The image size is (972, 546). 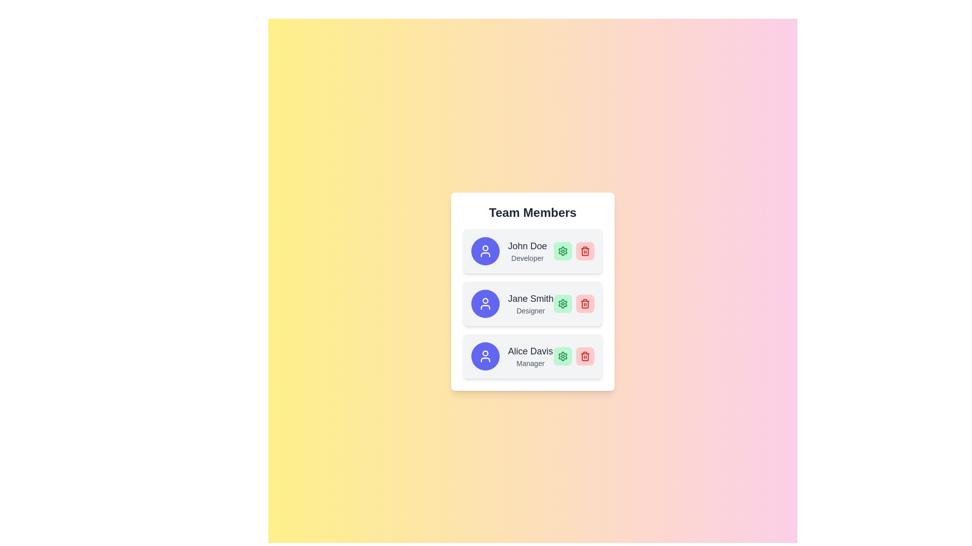 I want to click on the text label displaying 'Designer' in gray color, located below 'Jane Smith' in the 'Team Members' section, so click(x=530, y=310).